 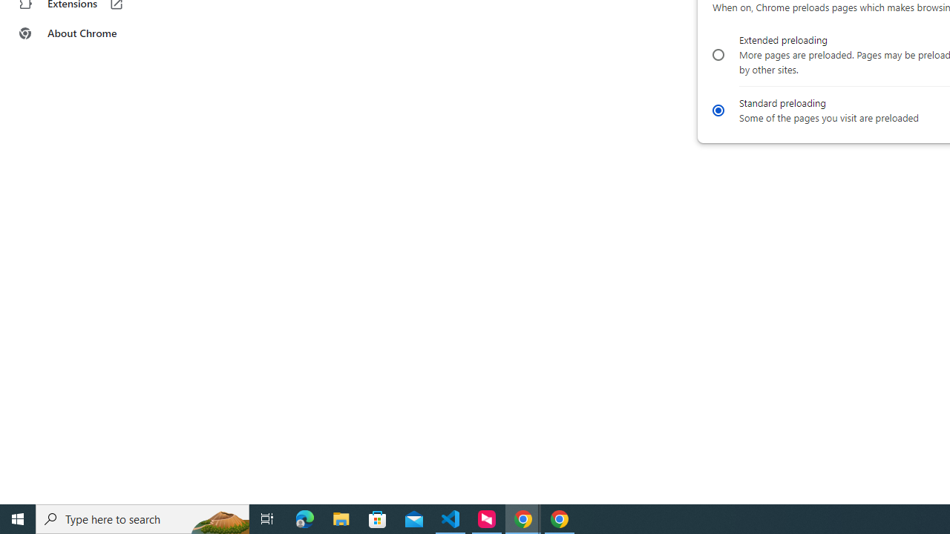 I want to click on 'About Chrome', so click(x=91, y=33).